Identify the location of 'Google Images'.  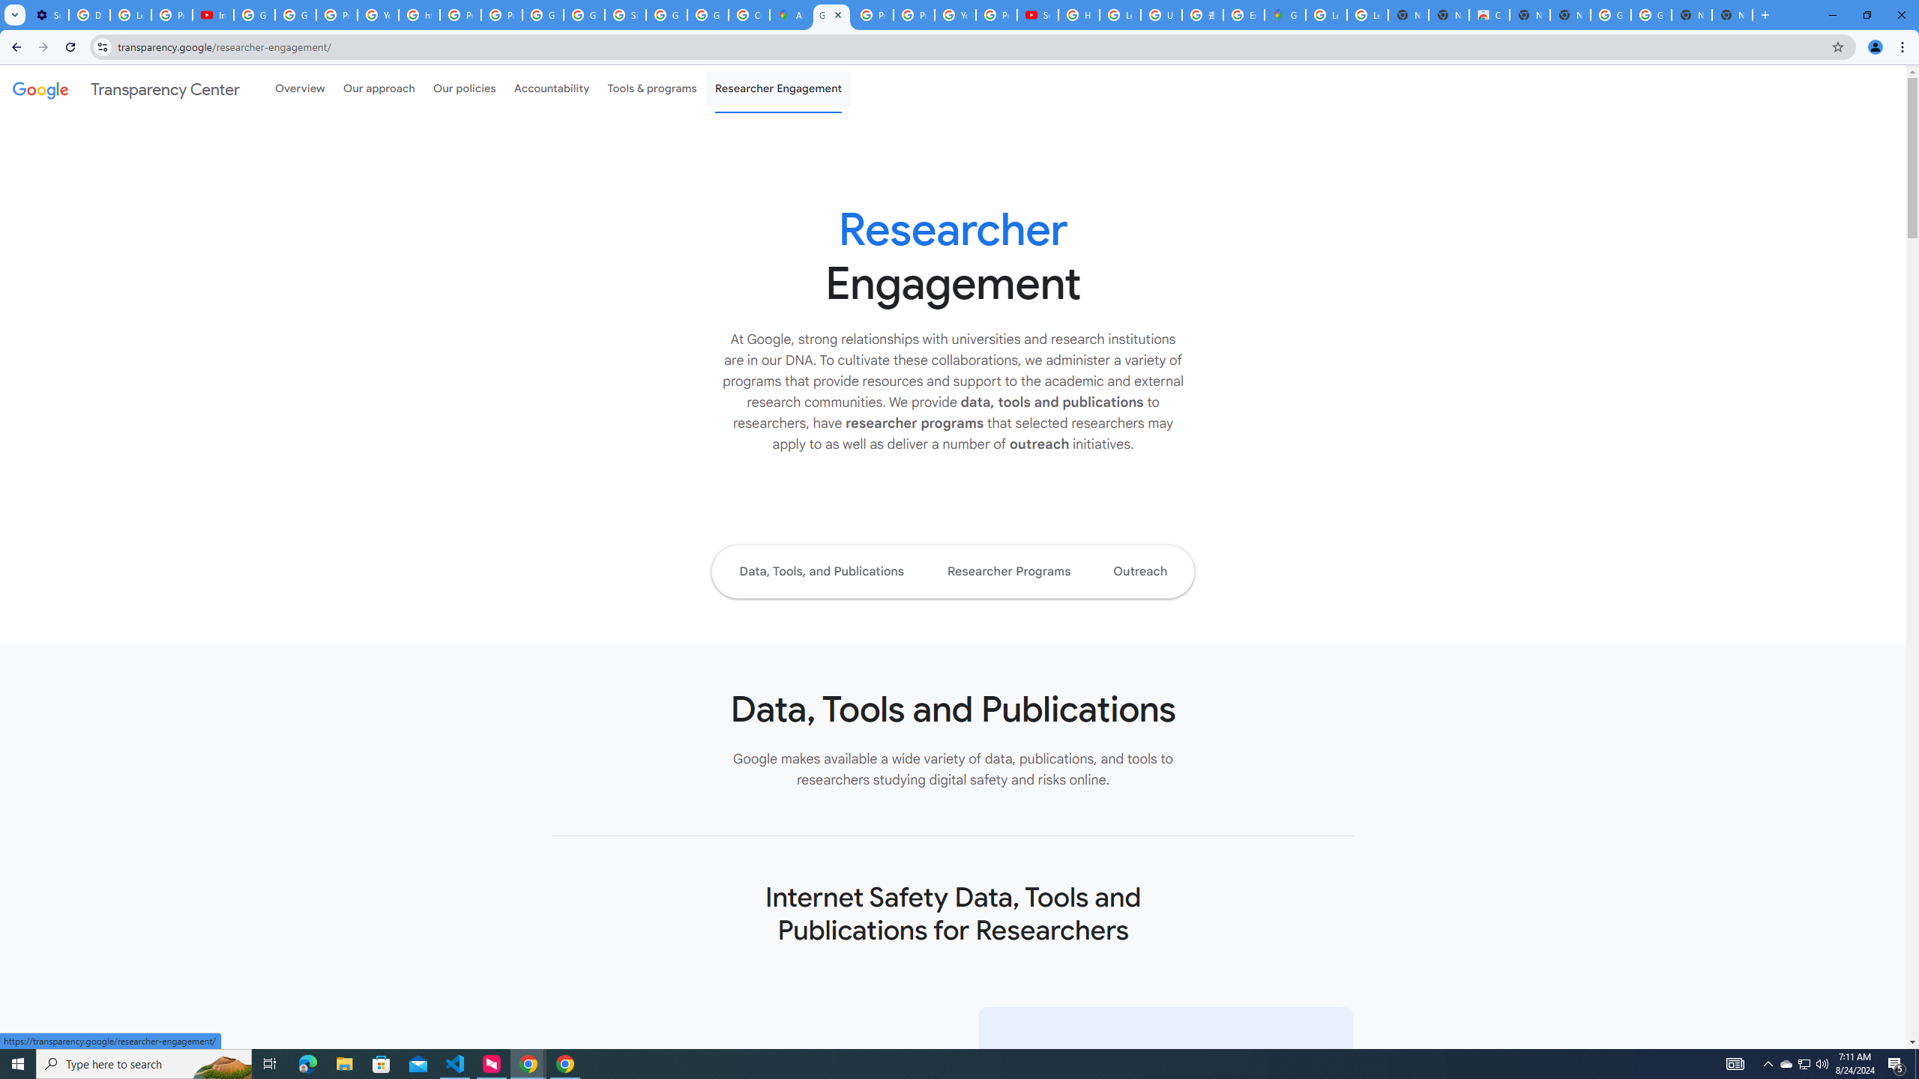
(1650, 14).